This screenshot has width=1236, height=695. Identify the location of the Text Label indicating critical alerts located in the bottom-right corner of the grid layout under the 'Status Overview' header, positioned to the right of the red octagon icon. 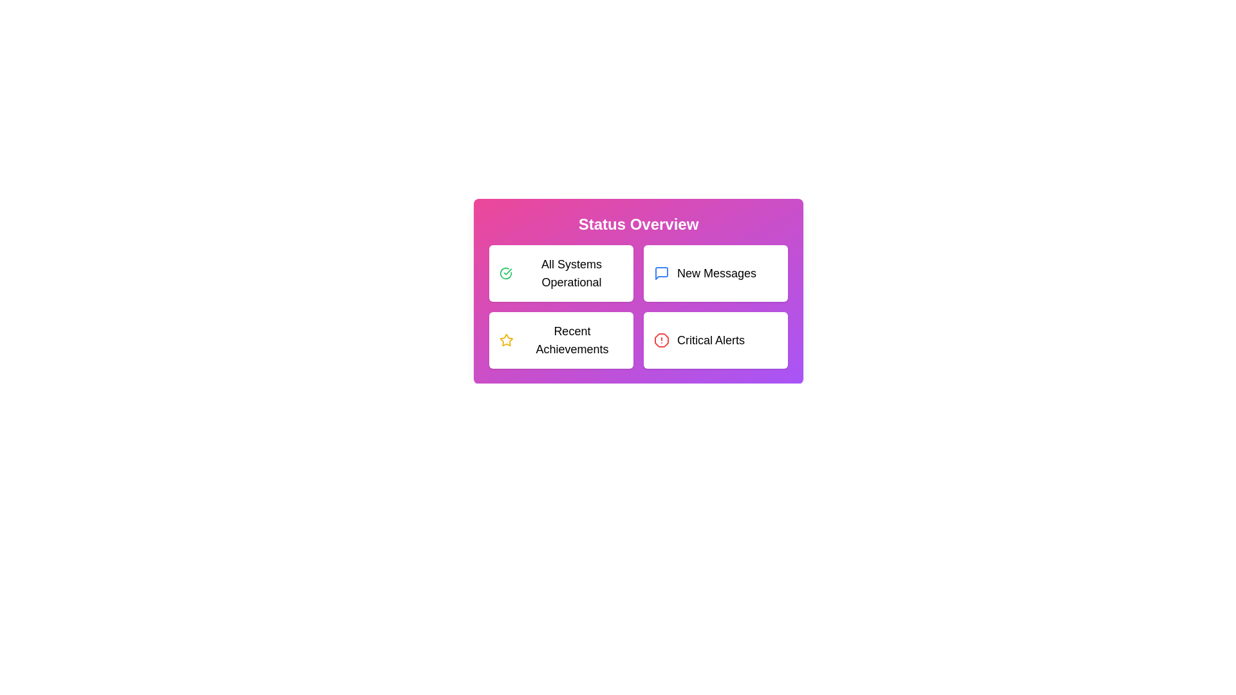
(710, 339).